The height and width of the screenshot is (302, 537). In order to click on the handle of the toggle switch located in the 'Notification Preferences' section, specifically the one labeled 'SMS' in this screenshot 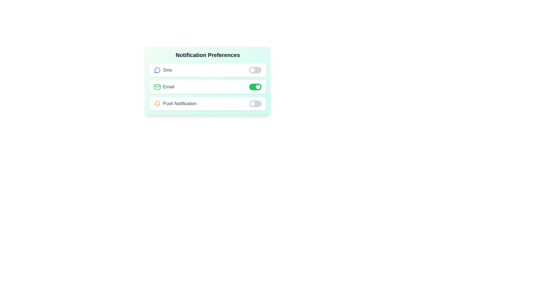, I will do `click(252, 70)`.